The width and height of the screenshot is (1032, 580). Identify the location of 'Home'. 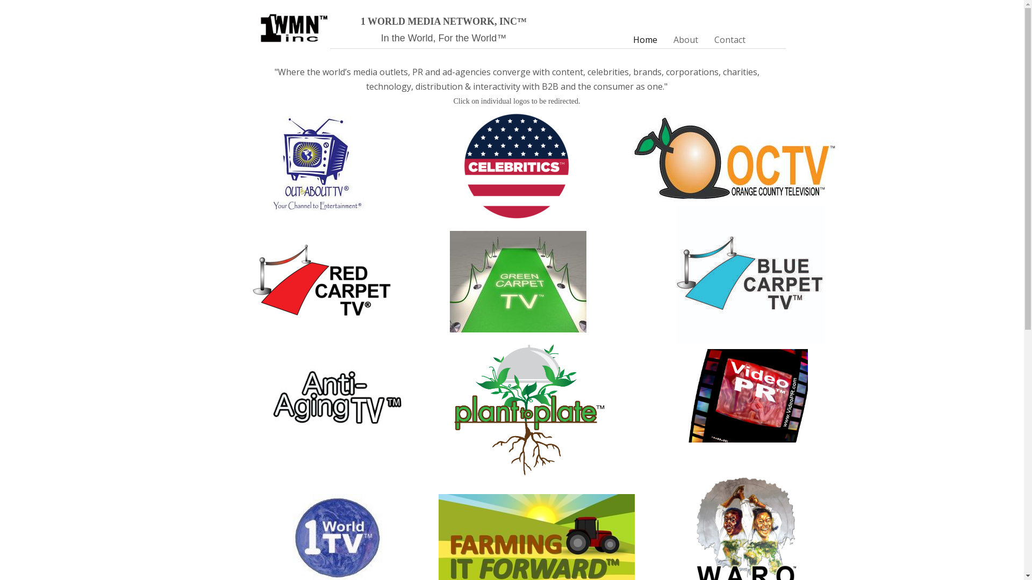
(644, 39).